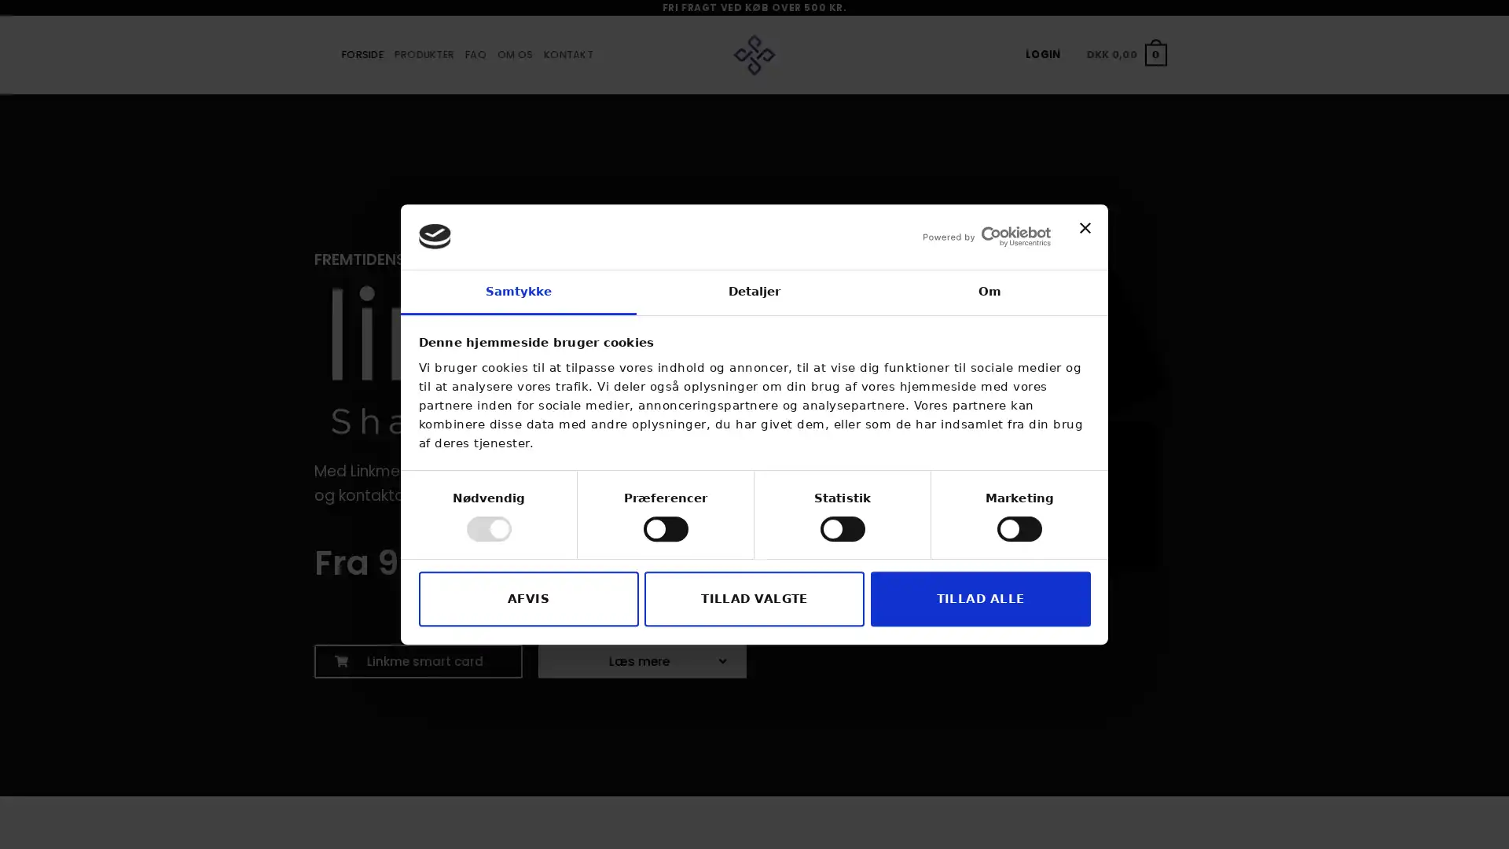 The height and width of the screenshot is (849, 1509). Describe the element at coordinates (979, 599) in the screenshot. I see `TILLAD ALLE` at that location.